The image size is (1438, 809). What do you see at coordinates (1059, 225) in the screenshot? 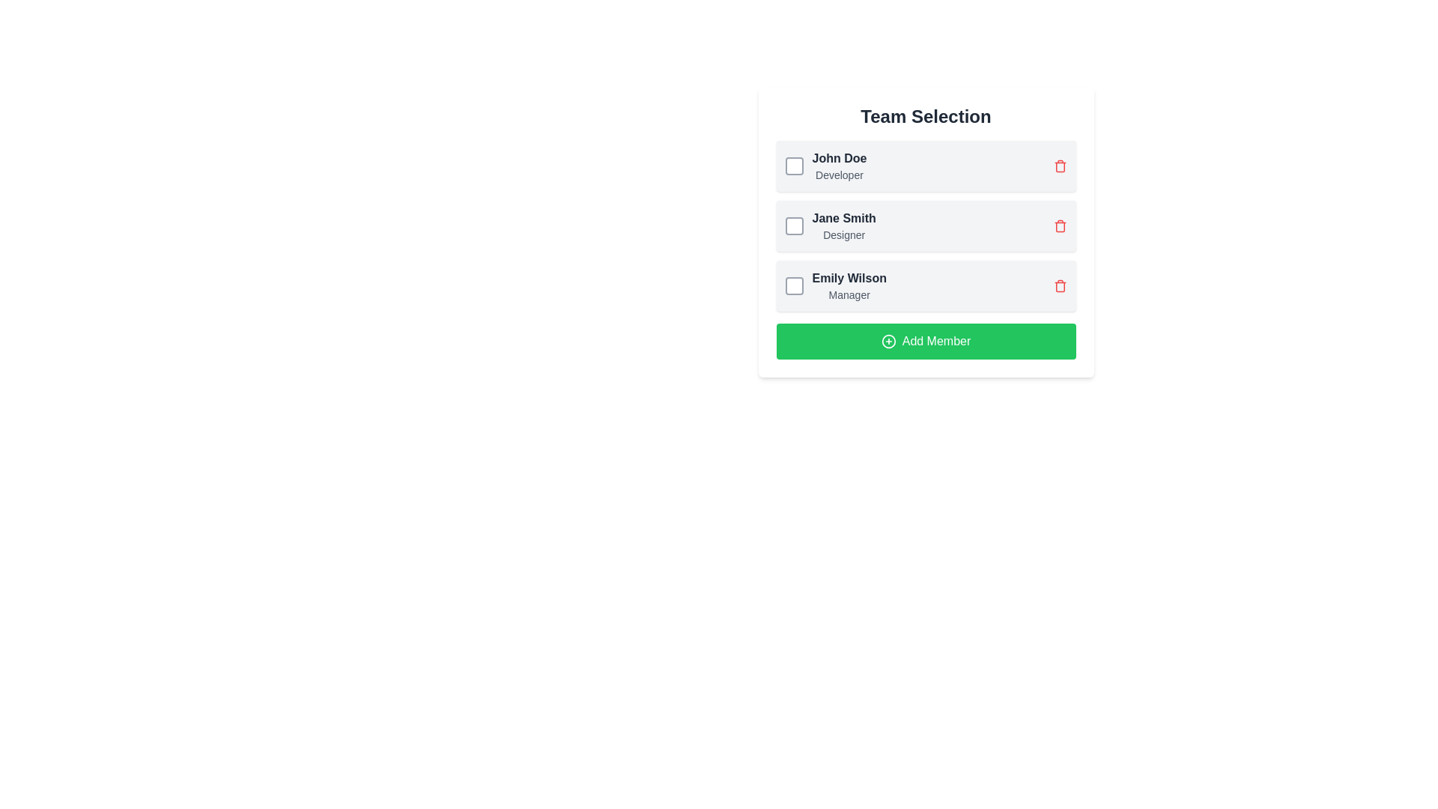
I see `the delete button (trash can) positioned to the far right of the row containing 'Jane Smith' and 'Designer'` at bounding box center [1059, 225].